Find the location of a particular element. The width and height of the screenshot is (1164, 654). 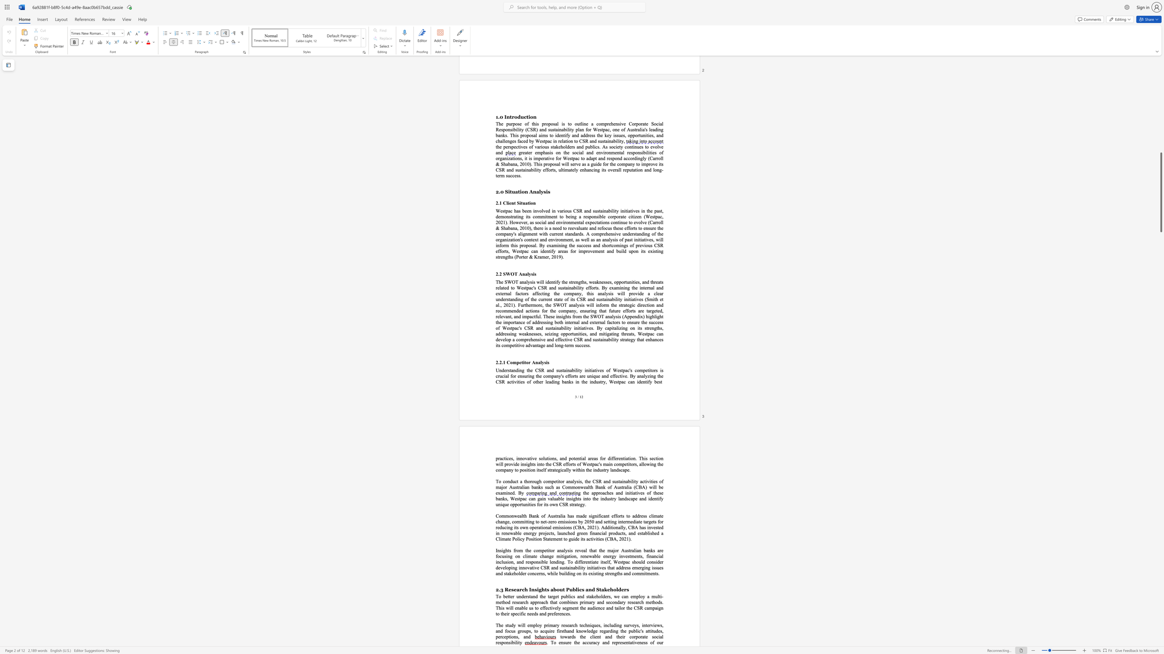

the 1th character "a" in the text is located at coordinates (575, 504).